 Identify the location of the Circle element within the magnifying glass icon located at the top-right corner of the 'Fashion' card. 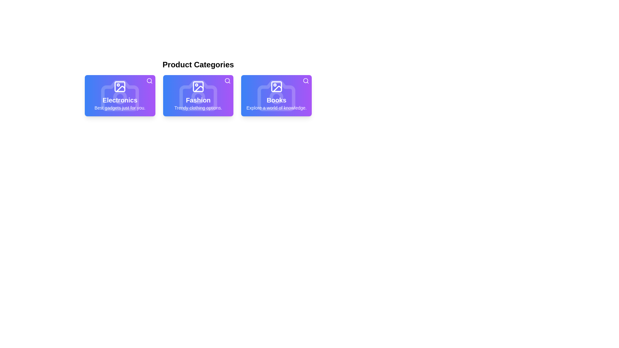
(227, 80).